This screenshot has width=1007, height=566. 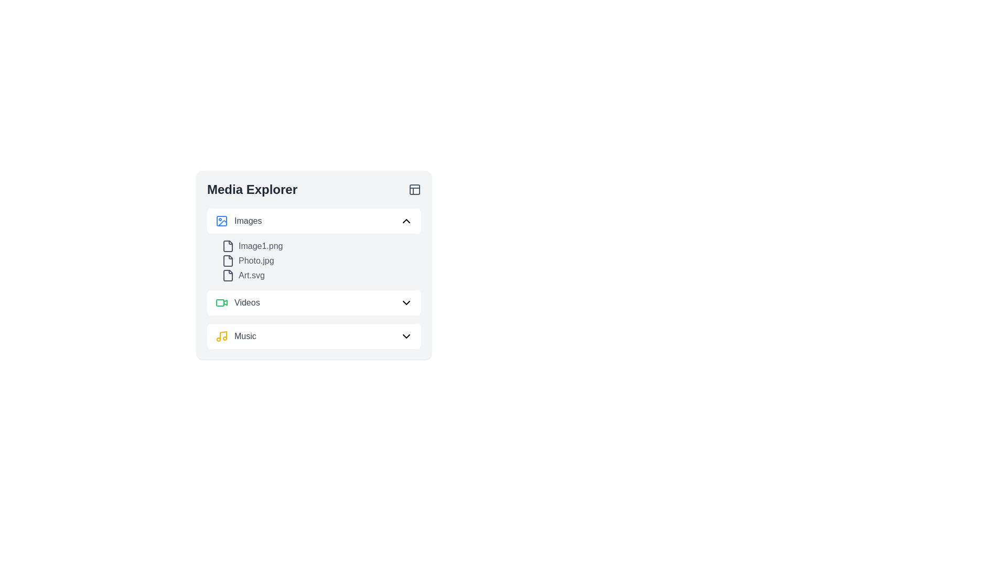 What do you see at coordinates (228, 246) in the screenshot?
I see `the file icon representing 'Image1.png' located in the 'Media Explorer' panel, which is the first icon in the list section labeled 'Images'` at bounding box center [228, 246].